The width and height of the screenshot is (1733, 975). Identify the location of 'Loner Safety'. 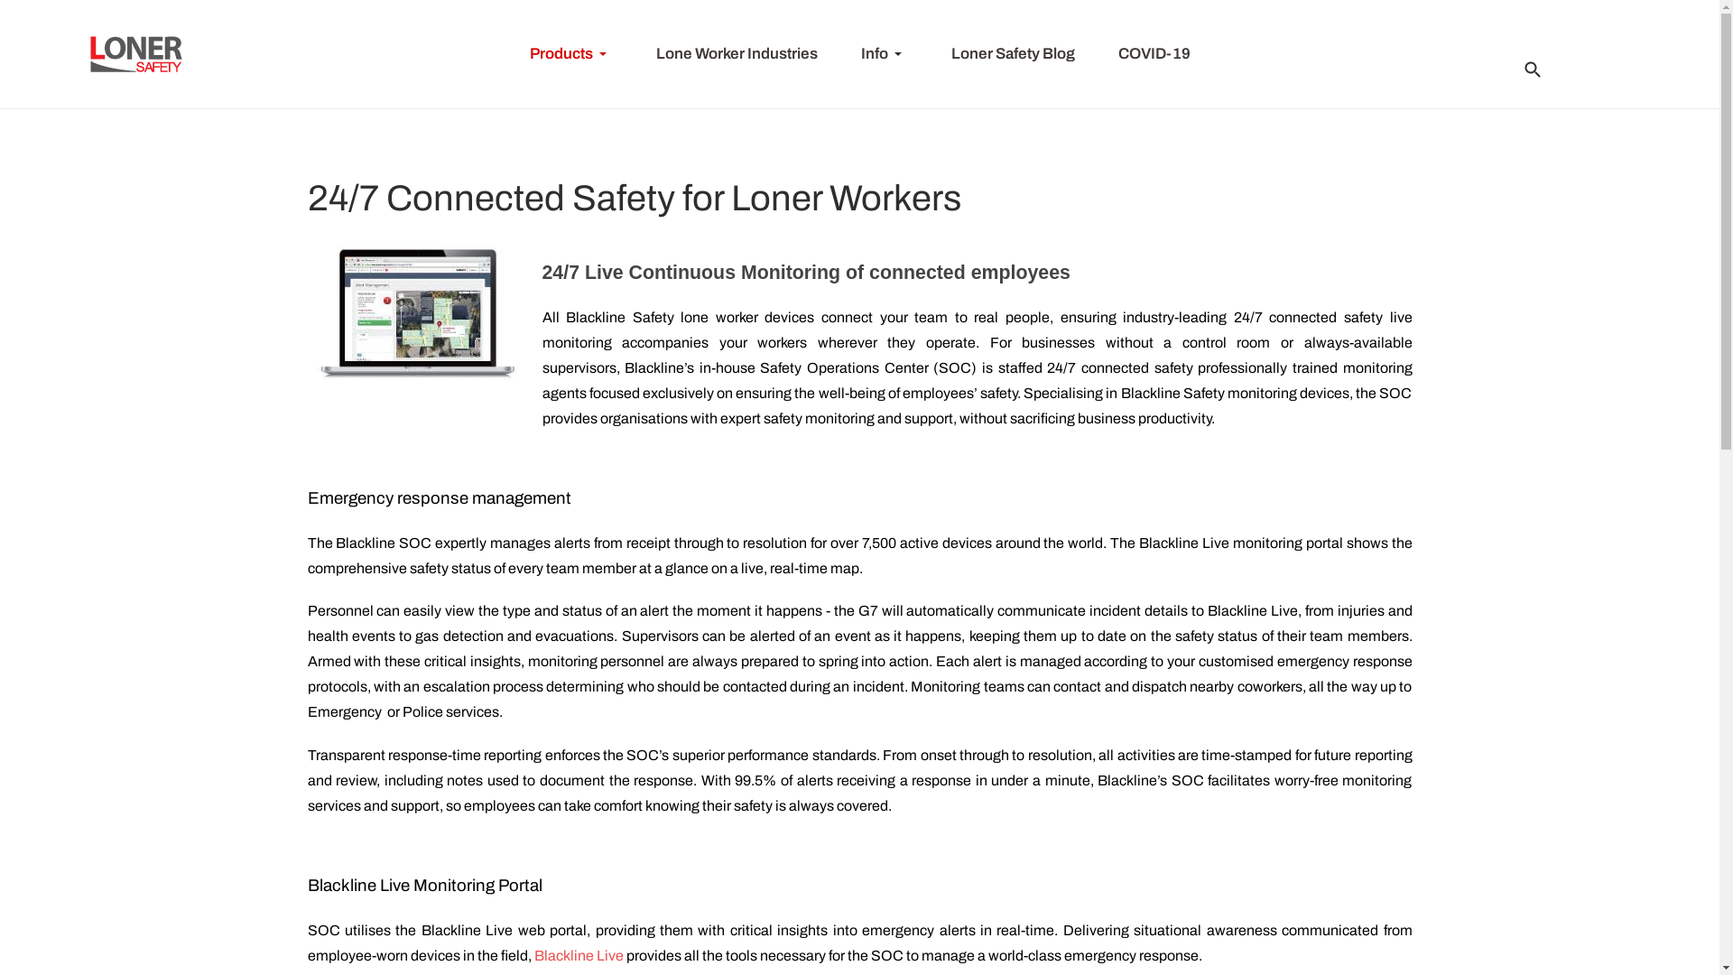
(135, 53).